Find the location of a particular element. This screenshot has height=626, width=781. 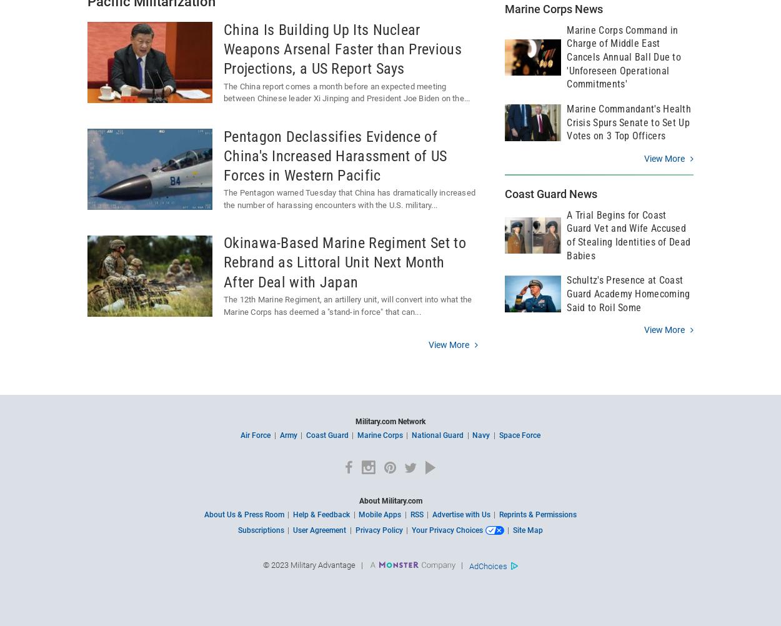

'About Us & Press Room' is located at coordinates (204, 514).